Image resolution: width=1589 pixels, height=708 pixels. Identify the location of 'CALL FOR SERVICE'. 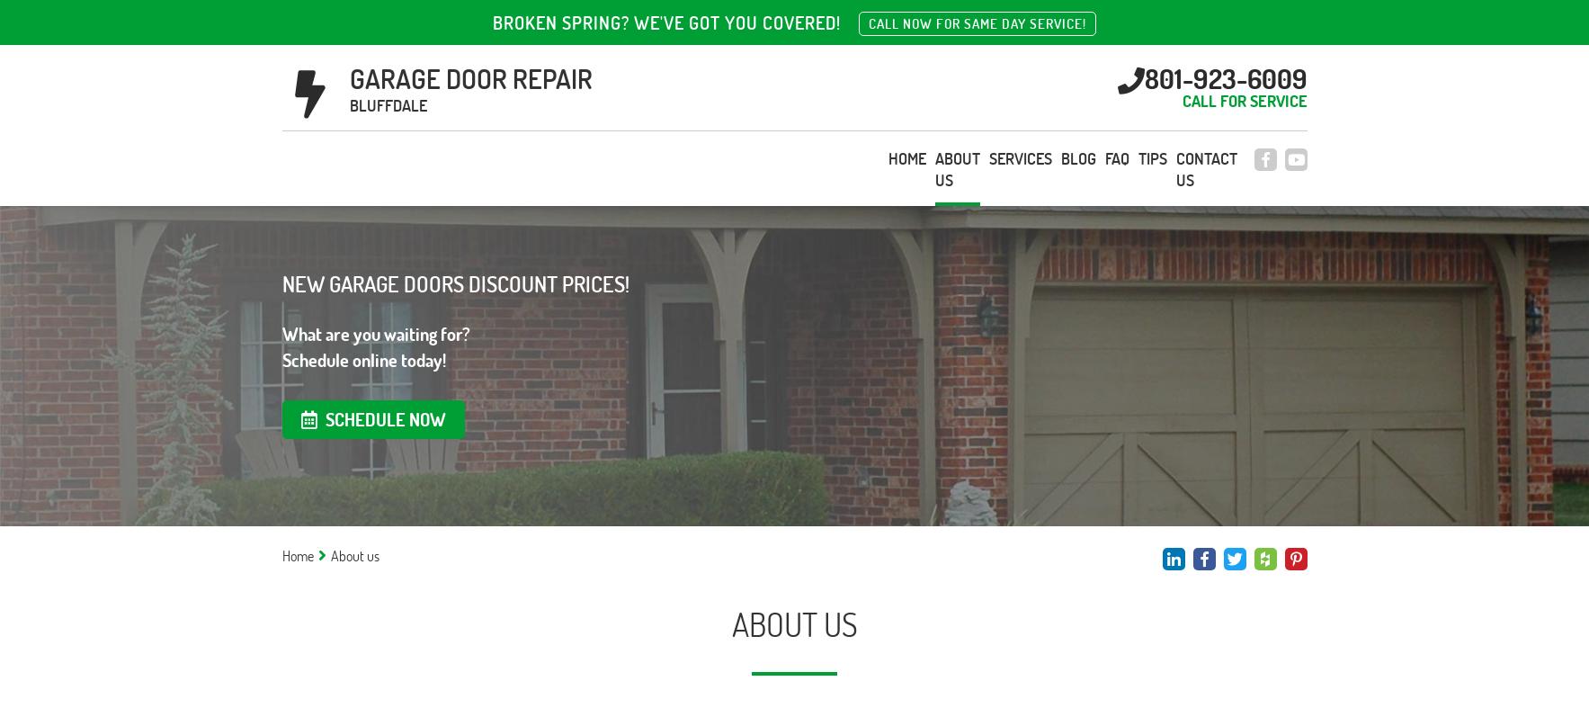
(1180, 99).